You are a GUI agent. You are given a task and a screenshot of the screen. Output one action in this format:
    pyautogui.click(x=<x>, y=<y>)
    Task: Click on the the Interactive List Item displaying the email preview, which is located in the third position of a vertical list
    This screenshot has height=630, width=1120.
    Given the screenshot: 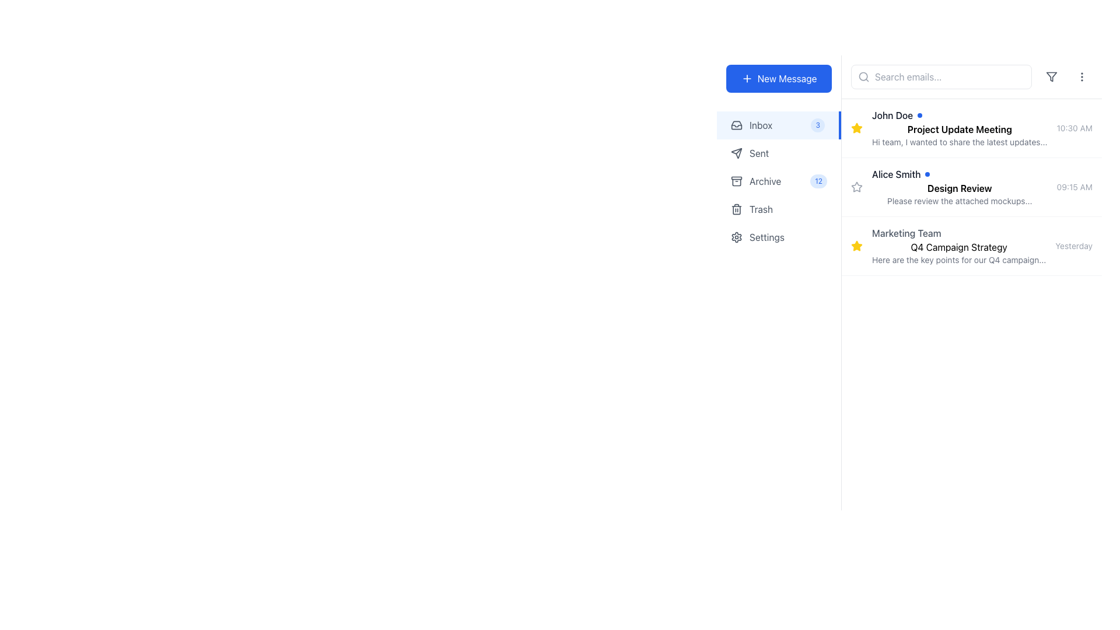 What is the action you would take?
    pyautogui.click(x=971, y=245)
    